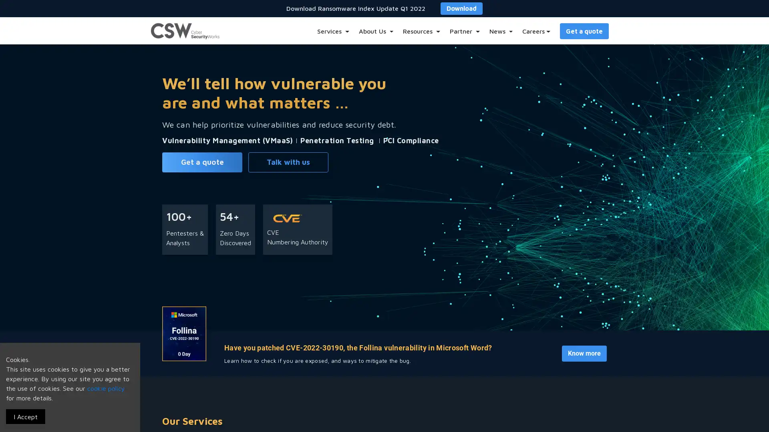 The image size is (769, 432). What do you see at coordinates (25, 416) in the screenshot?
I see `I Accept` at bounding box center [25, 416].